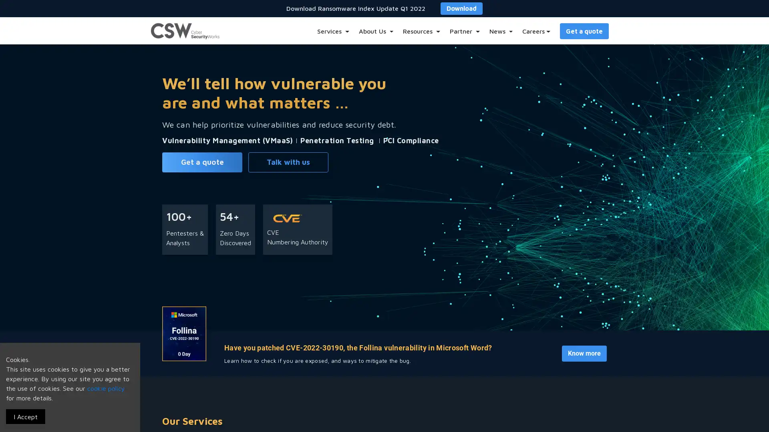 The image size is (769, 432). What do you see at coordinates (25, 416) in the screenshot?
I see `I Accept` at bounding box center [25, 416].